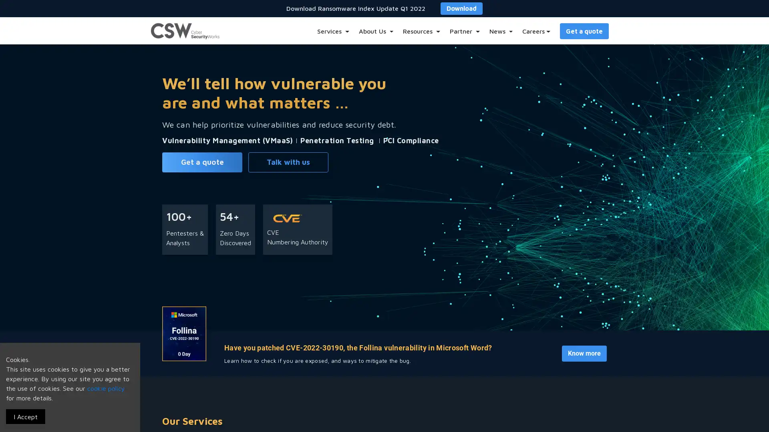 The image size is (769, 432). What do you see at coordinates (25, 416) in the screenshot?
I see `I Accept` at bounding box center [25, 416].